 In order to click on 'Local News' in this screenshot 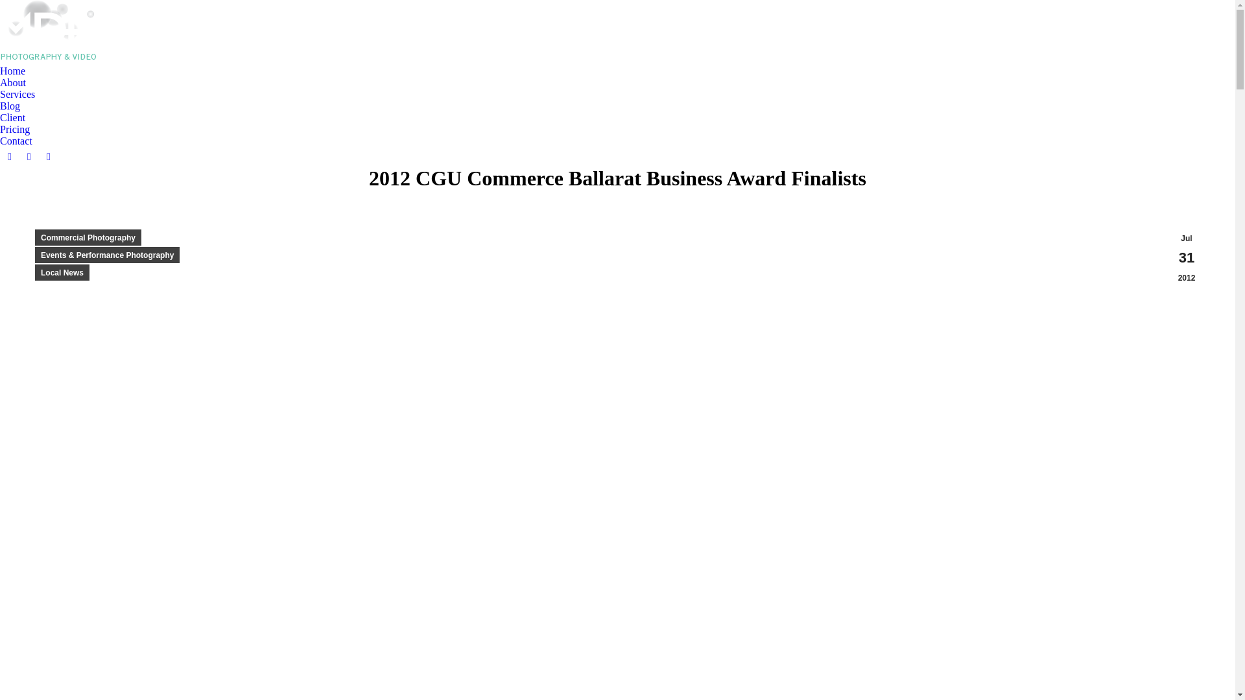, I will do `click(62, 272)`.